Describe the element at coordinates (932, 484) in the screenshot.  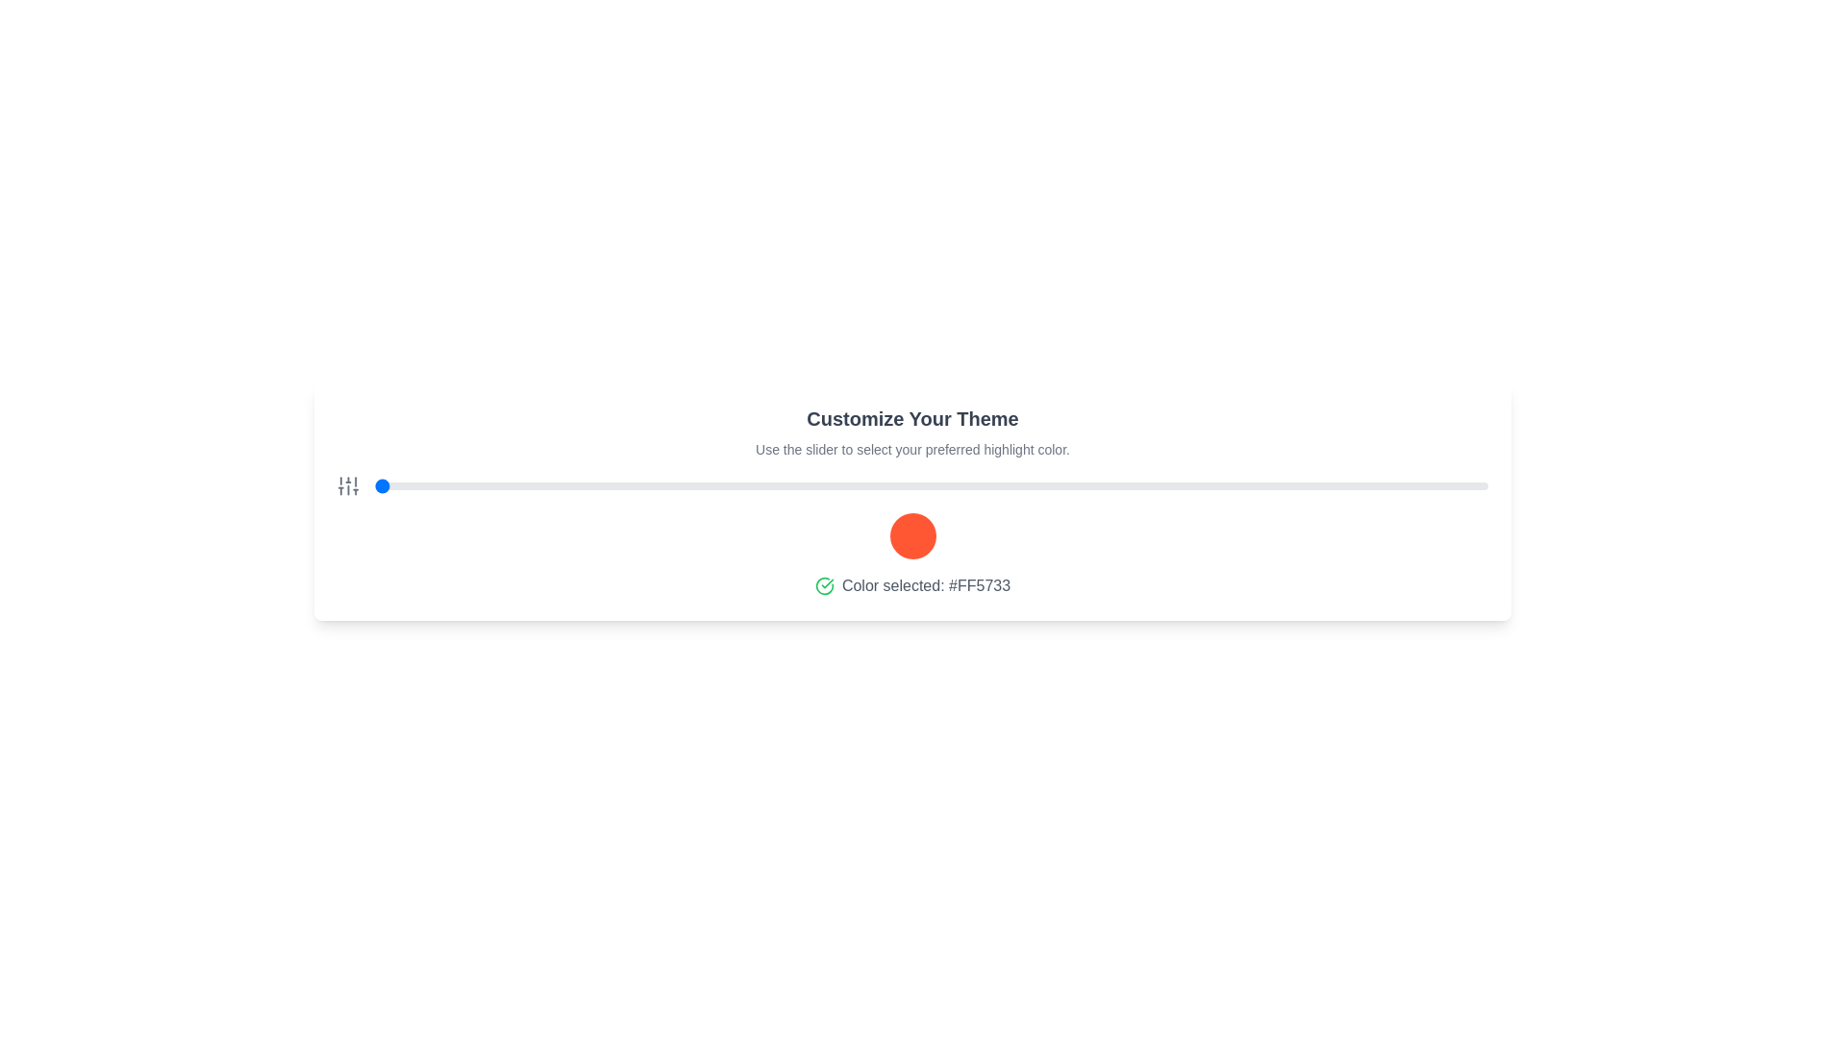
I see `the slider knob of the range slider, which adjusts a value from 0` at that location.